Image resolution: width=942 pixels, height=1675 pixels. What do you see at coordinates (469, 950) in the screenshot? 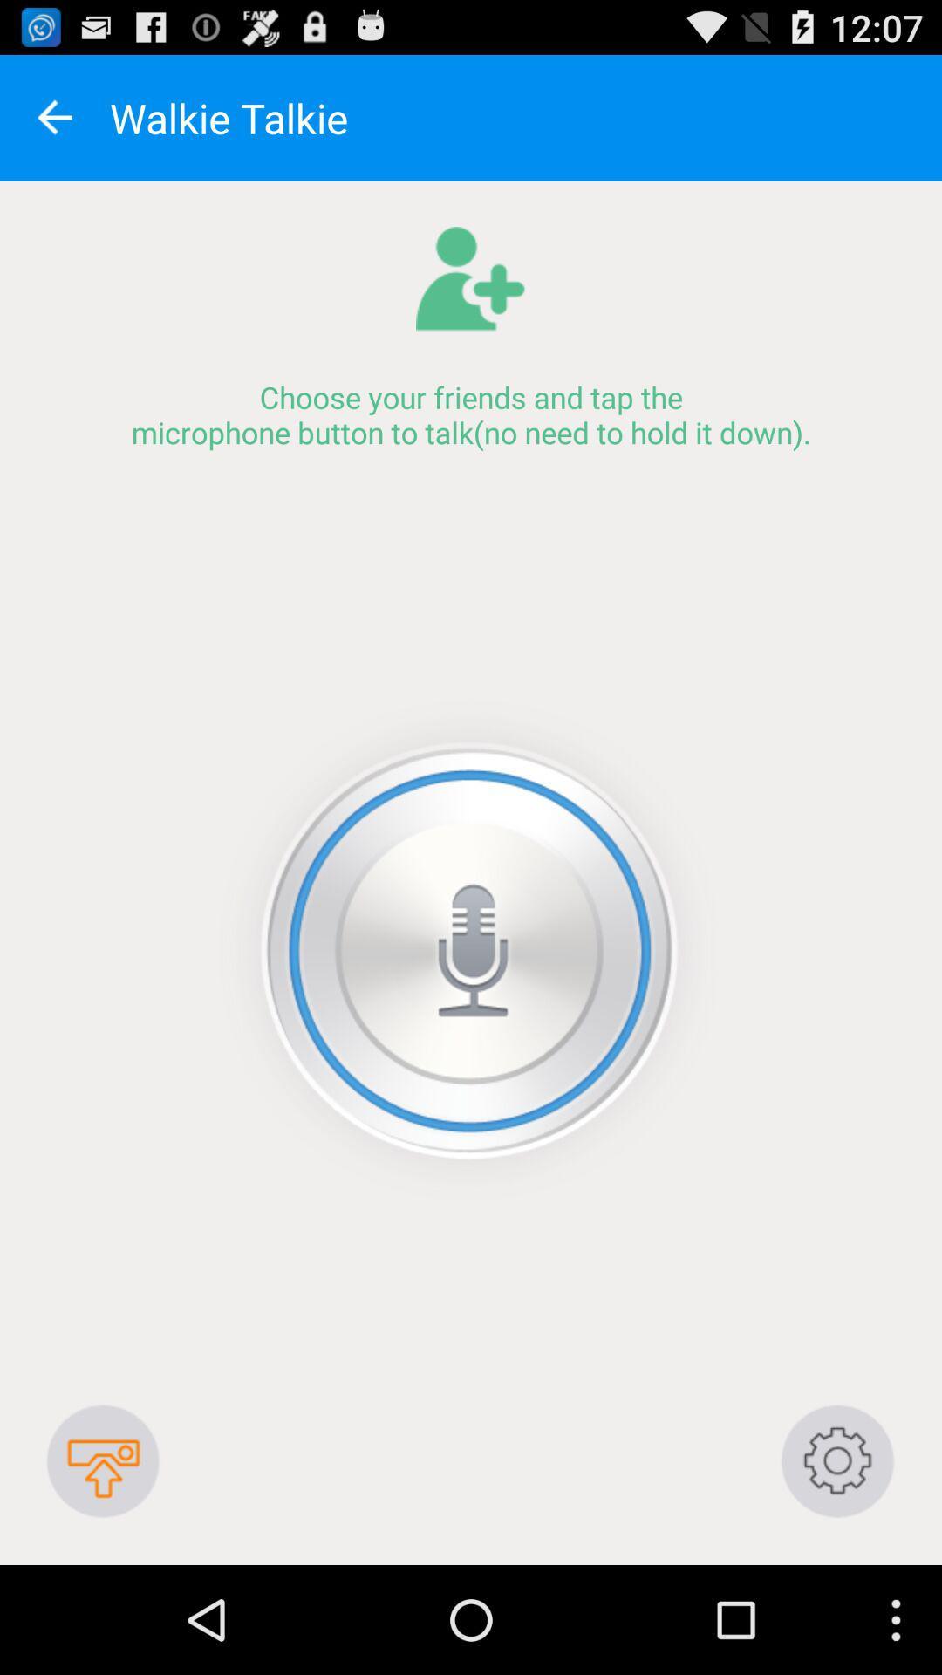
I see `start voice record` at bounding box center [469, 950].